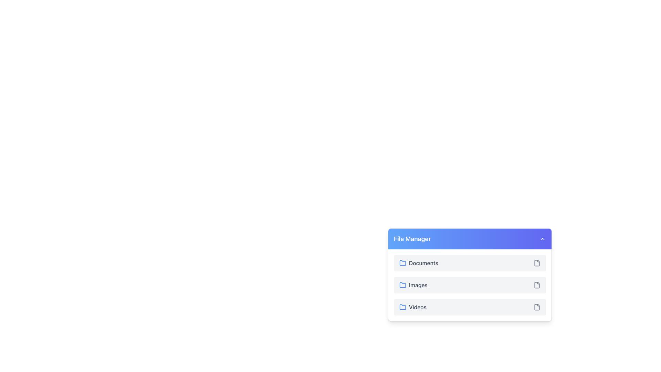  What do you see at coordinates (469, 285) in the screenshot?
I see `the 'Images' section of the selectable card, which is the middle segment in a list of three sections labeled 'Documents', 'Images', and 'Videos'` at bounding box center [469, 285].